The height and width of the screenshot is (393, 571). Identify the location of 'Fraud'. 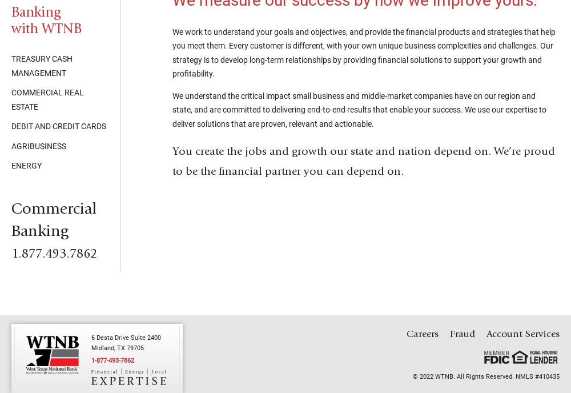
(463, 334).